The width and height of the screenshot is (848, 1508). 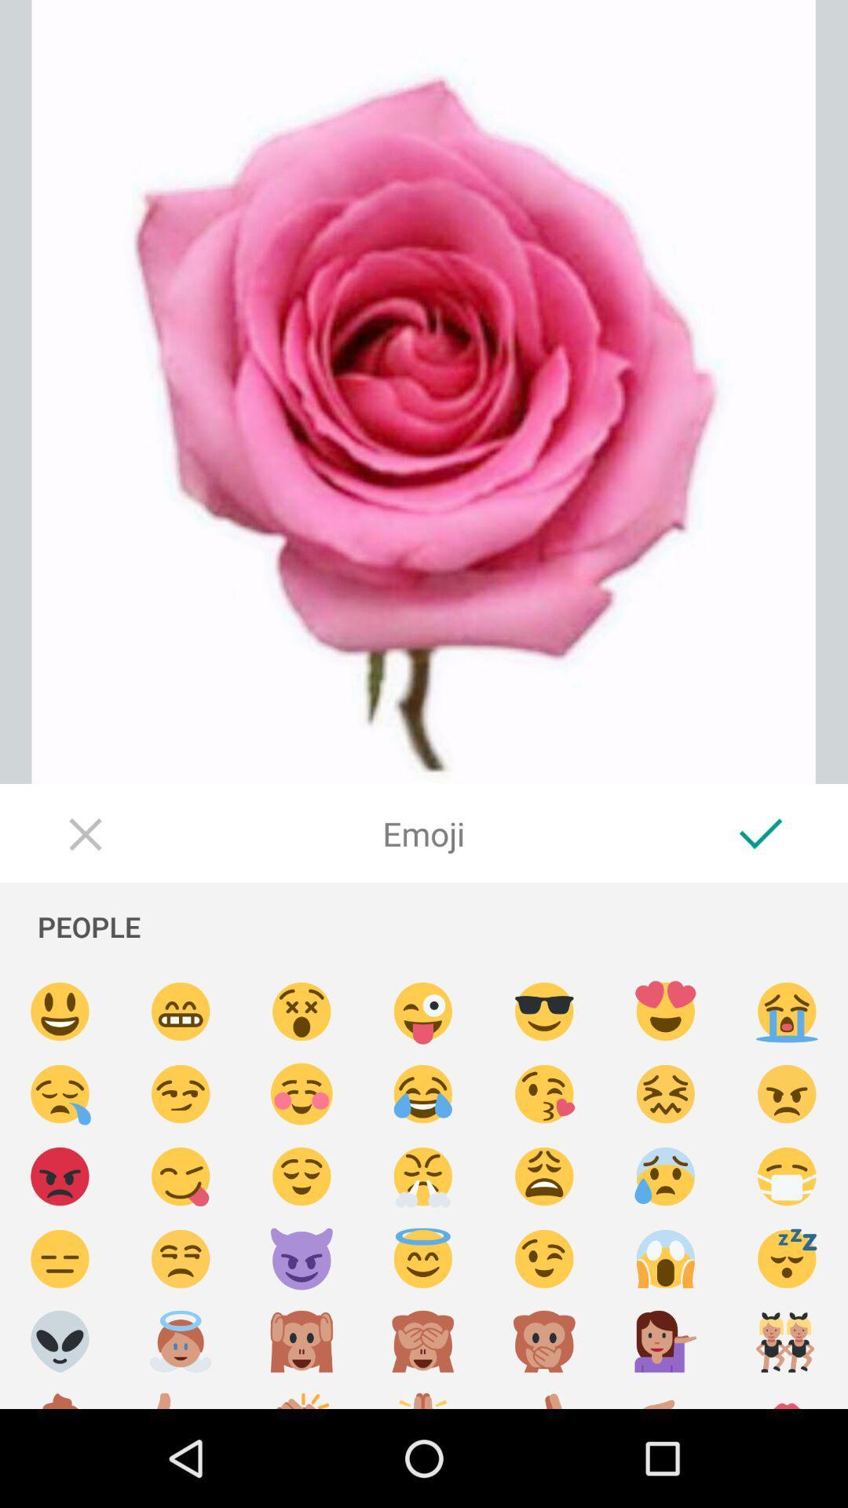 I want to click on emoji button, so click(x=543, y=1012).